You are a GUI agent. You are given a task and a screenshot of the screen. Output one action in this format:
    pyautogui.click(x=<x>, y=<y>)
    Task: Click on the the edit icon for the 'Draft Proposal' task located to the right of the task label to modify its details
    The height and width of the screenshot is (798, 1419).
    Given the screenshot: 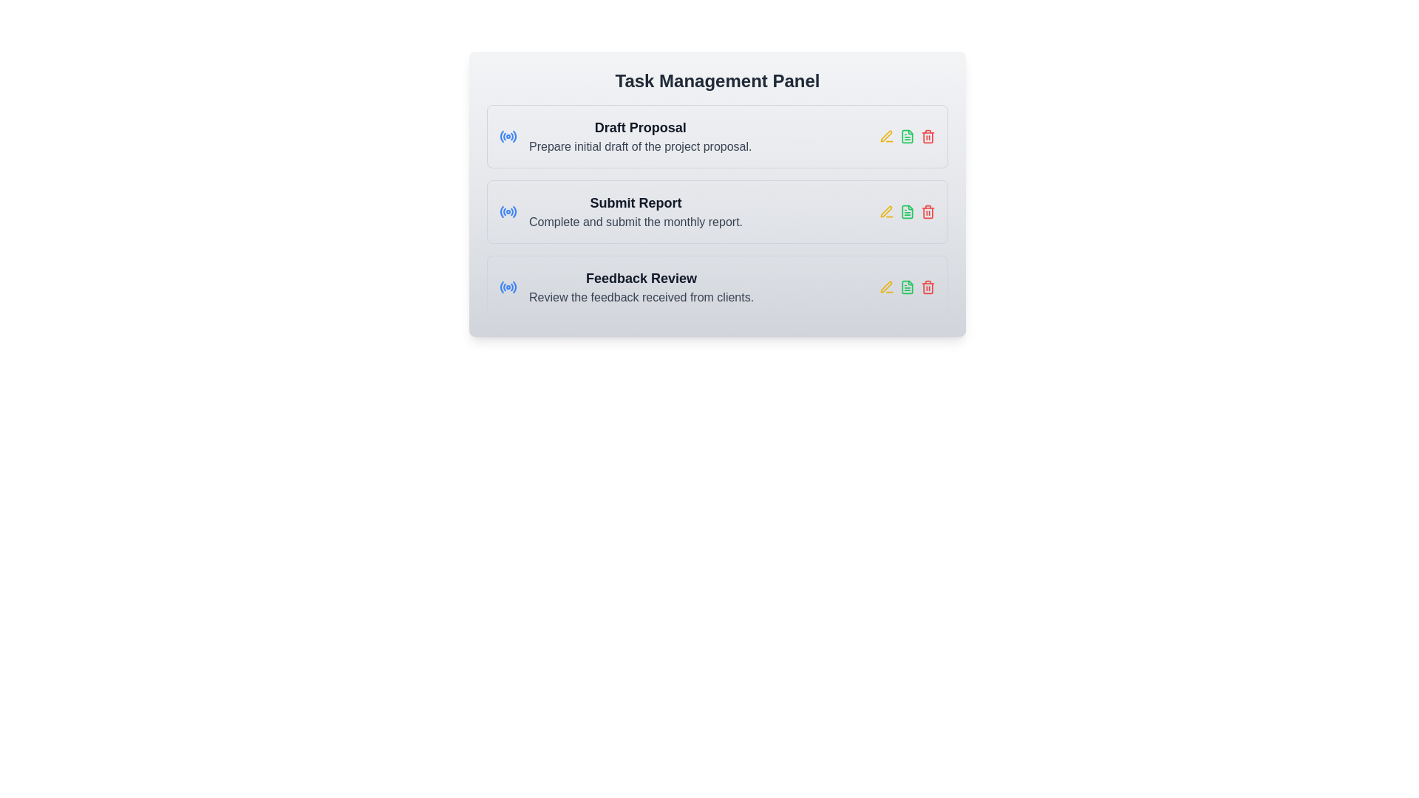 What is the action you would take?
    pyautogui.click(x=887, y=137)
    